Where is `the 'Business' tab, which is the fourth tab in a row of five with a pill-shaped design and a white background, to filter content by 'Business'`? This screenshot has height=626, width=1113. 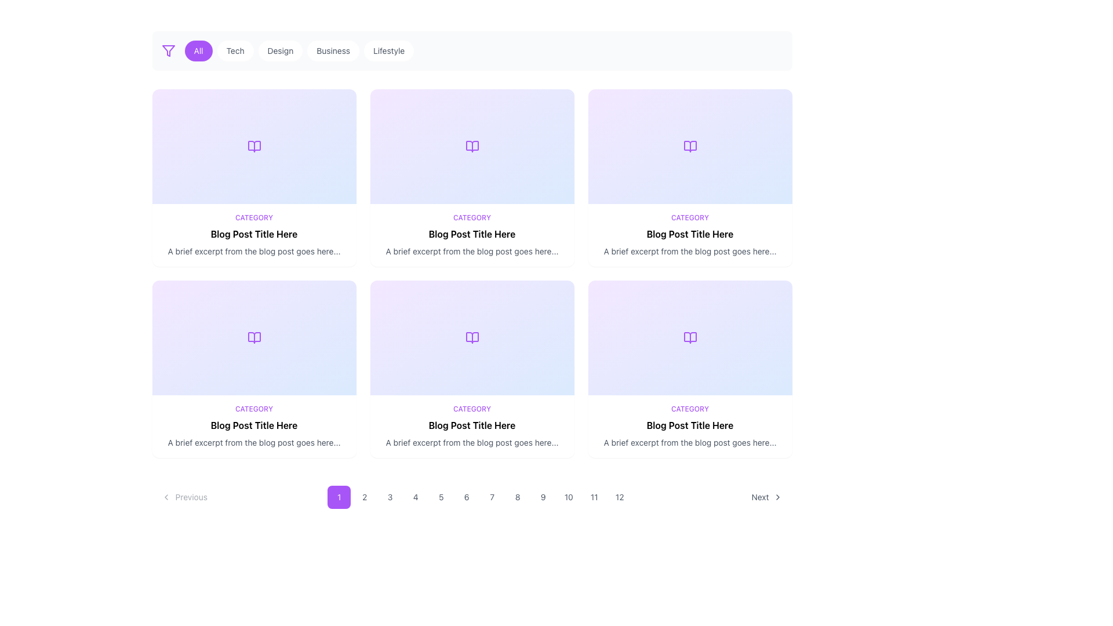
the 'Business' tab, which is the fourth tab in a row of five with a pill-shaped design and a white background, to filter content by 'Business' is located at coordinates (333, 50).